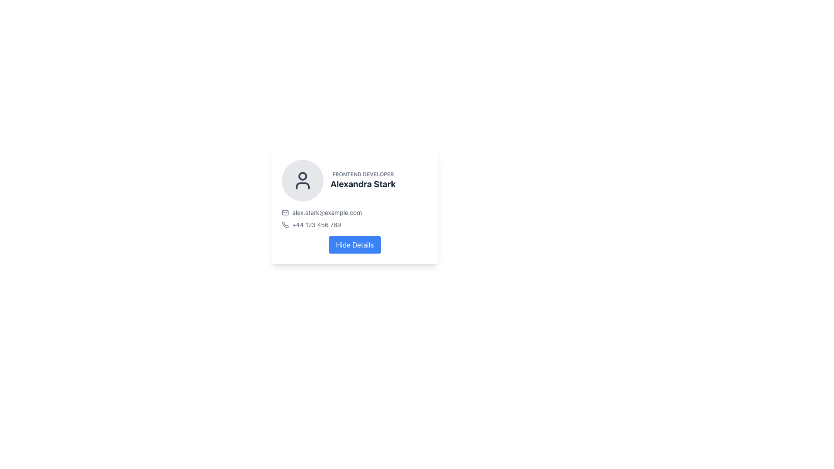 The height and width of the screenshot is (469, 834). What do you see at coordinates (285, 212) in the screenshot?
I see `the SVG Rectangle that represents the email icon, which is positioned above the email address text and to the left of the country flag icon` at bounding box center [285, 212].